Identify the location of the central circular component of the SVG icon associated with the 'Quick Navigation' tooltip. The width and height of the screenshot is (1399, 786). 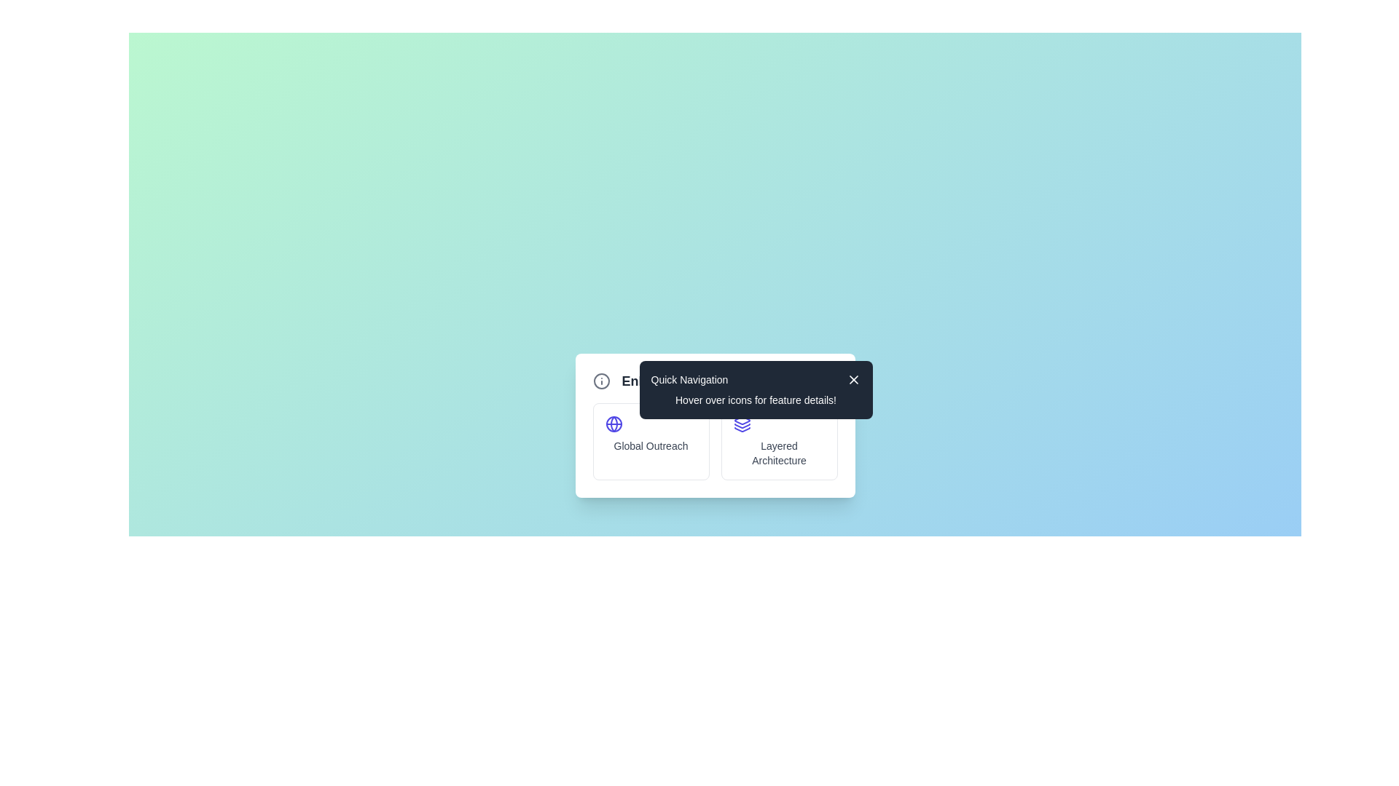
(601, 381).